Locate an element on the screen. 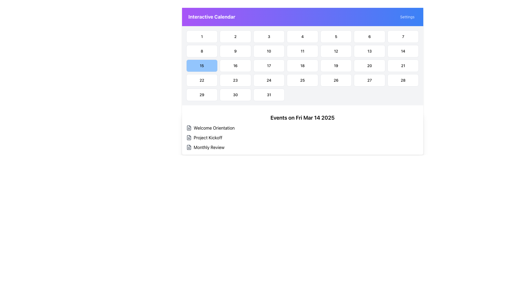  the calendar date cell representing the 21st day is located at coordinates (403, 65).